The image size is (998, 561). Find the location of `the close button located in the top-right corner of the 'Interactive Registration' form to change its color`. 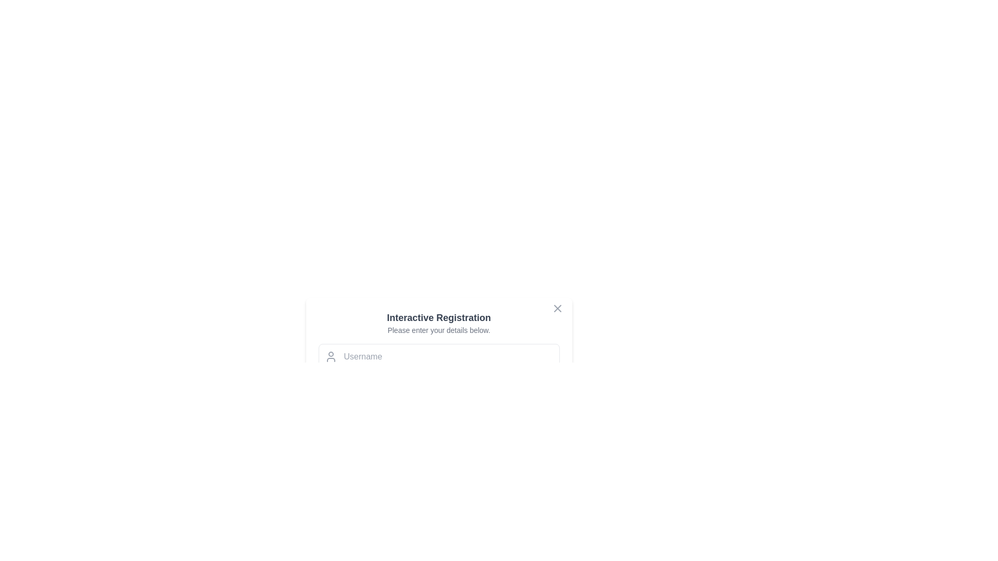

the close button located in the top-right corner of the 'Interactive Registration' form to change its color is located at coordinates (557, 308).